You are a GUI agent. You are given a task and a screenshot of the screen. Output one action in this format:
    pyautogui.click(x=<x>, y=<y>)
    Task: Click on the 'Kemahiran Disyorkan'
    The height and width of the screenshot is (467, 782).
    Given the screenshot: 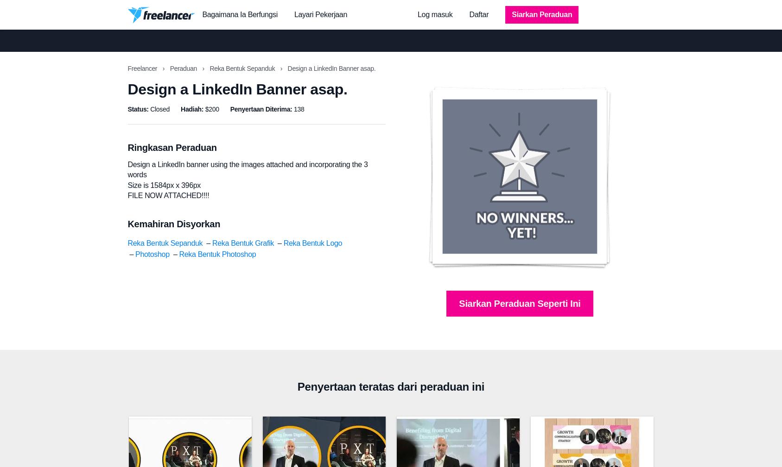 What is the action you would take?
    pyautogui.click(x=174, y=224)
    